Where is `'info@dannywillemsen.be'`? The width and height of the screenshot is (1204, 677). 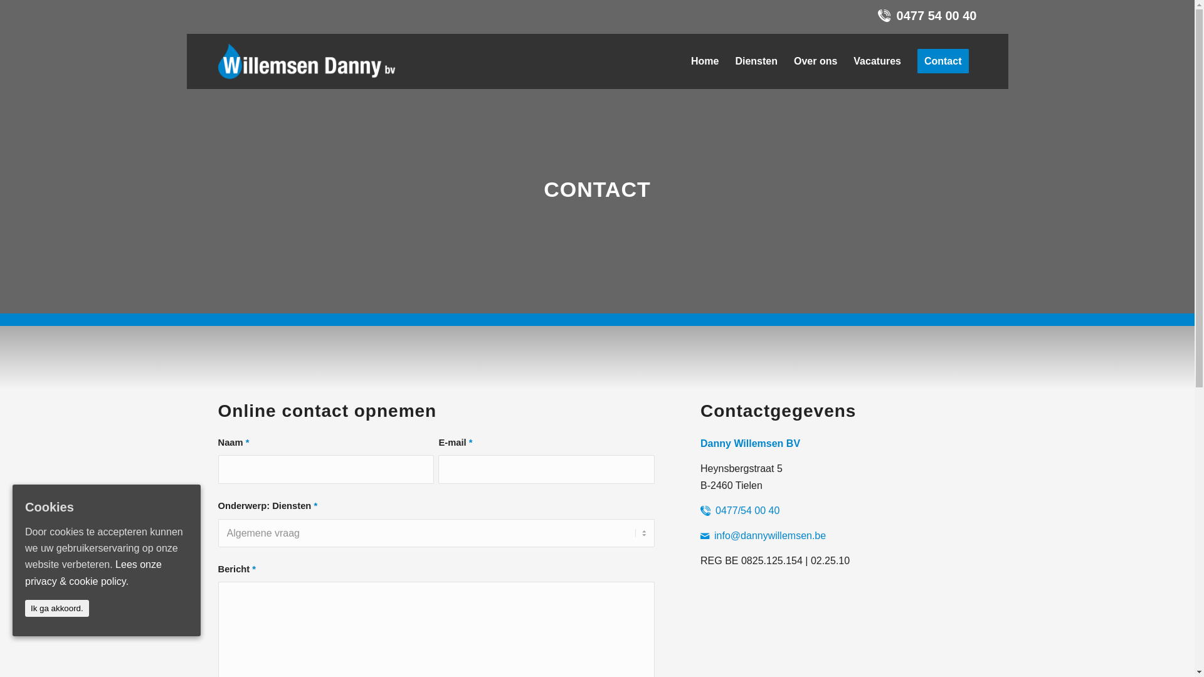 'info@dannywillemsen.be' is located at coordinates (769, 535).